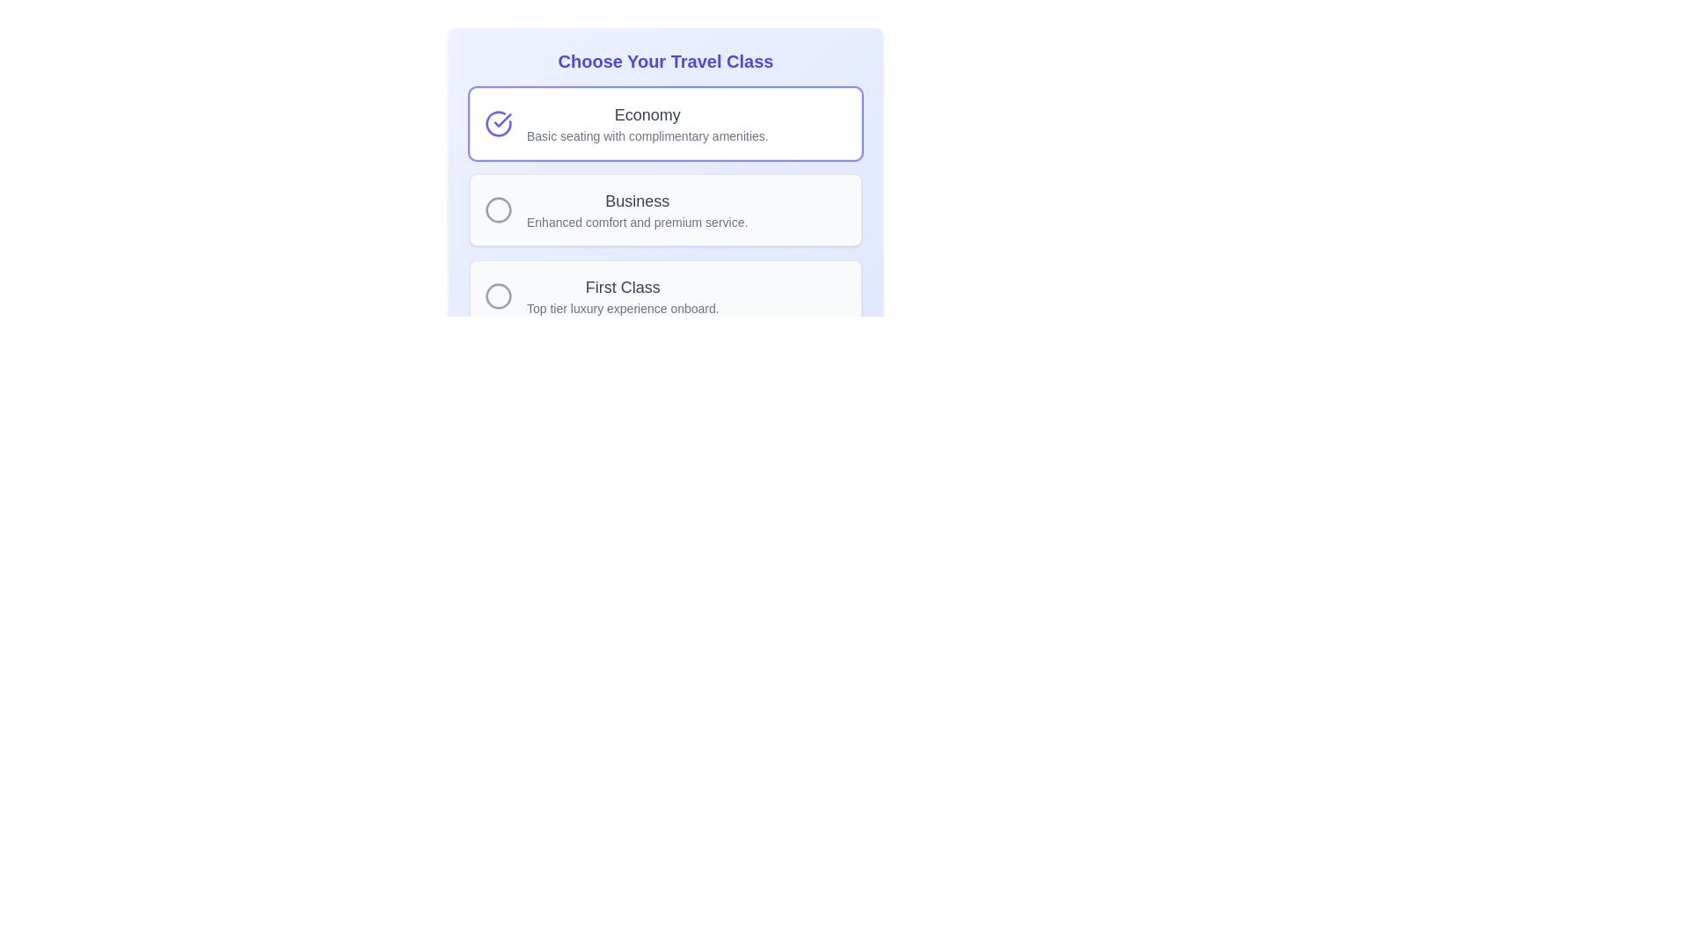 This screenshot has height=950, width=1689. Describe the element at coordinates (665, 295) in the screenshot. I see `the 'First Class' card, which is the third card in a vertical list of travel options` at that location.